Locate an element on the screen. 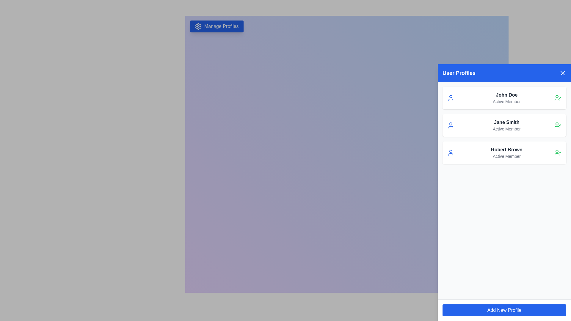  the close button for the 'User Profiles' panel is located at coordinates (562, 73).